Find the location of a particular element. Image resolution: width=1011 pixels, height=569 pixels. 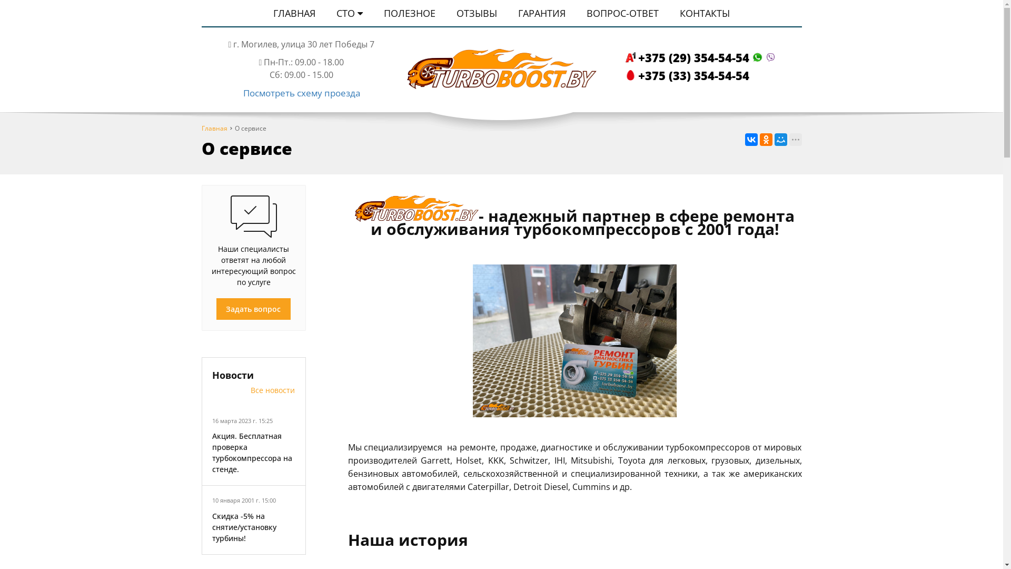

'+375 (33) 354-54-54' is located at coordinates (625, 74).